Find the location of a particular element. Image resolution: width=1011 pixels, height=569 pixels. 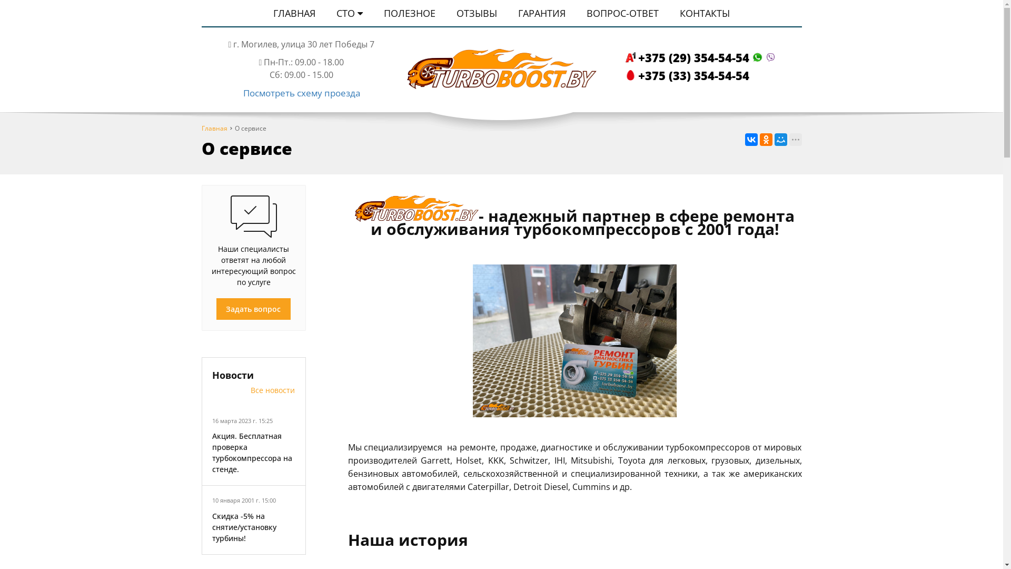

'+375 (33) 354-54-54' is located at coordinates (625, 74).